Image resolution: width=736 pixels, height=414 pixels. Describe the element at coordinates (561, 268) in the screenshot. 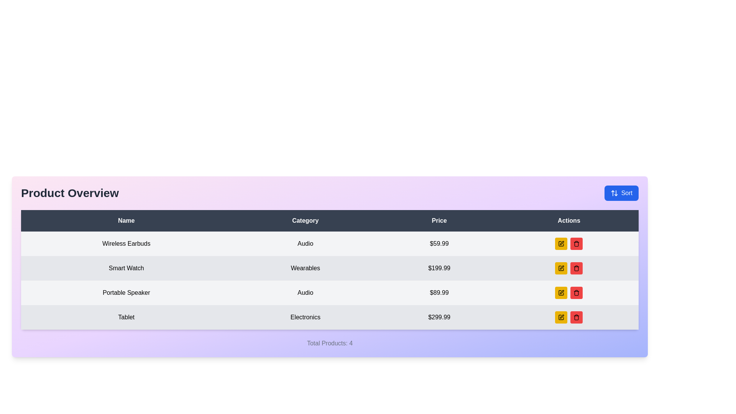

I see `the edit button located in the second row of the table under the 'Actions' column to initiate the edit action` at that location.